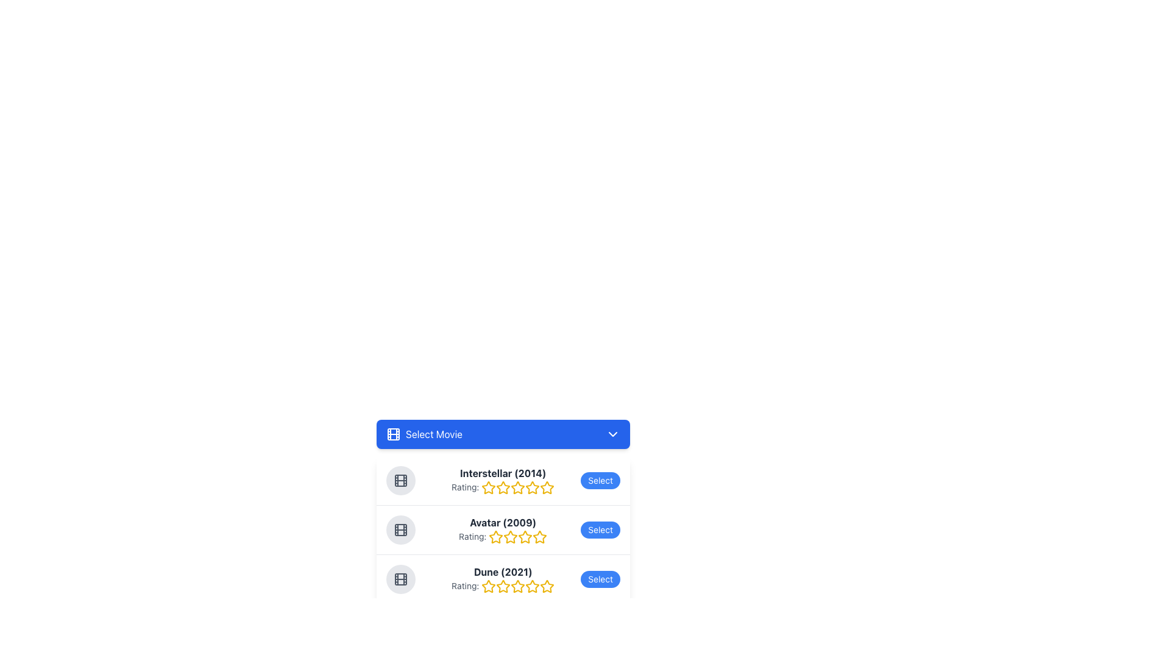  I want to click on the context of the fifth star icon in the rating component for 'Dune (2021)', which is hollow and has a yellow border, indicating its position in a sequence of stars for rating display, so click(533, 586).